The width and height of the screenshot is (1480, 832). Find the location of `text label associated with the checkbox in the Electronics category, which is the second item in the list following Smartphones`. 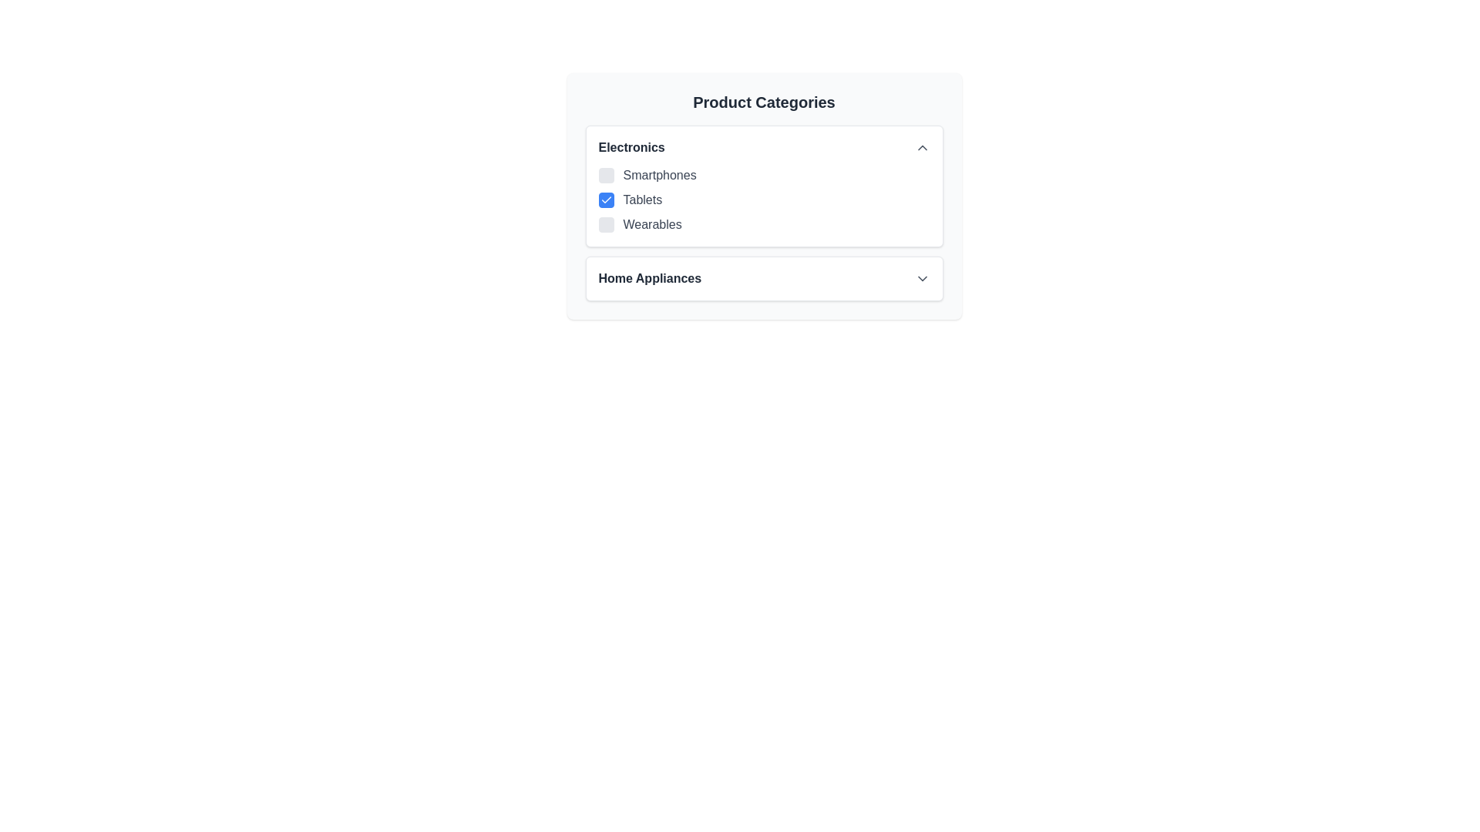

text label associated with the checkbox in the Electronics category, which is the second item in the list following Smartphones is located at coordinates (642, 199).